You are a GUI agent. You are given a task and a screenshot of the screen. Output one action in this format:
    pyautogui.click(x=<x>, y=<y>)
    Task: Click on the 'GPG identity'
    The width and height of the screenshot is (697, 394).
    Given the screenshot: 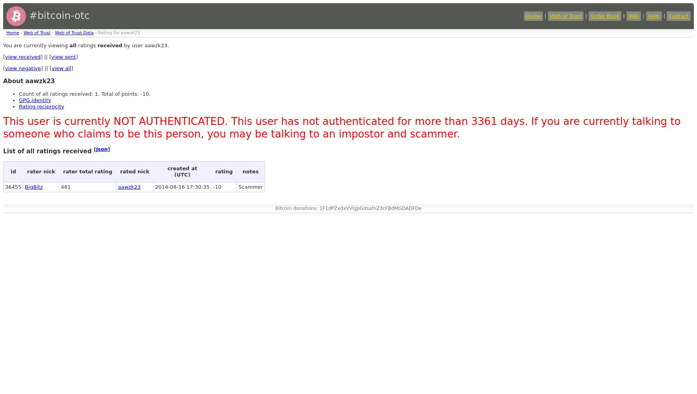 What is the action you would take?
    pyautogui.click(x=34, y=100)
    